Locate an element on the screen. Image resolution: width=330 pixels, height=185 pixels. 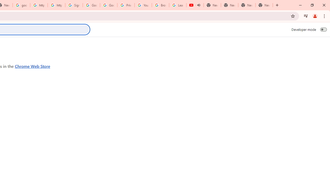
'Sign in - Google Accounts' is located at coordinates (74, 5).